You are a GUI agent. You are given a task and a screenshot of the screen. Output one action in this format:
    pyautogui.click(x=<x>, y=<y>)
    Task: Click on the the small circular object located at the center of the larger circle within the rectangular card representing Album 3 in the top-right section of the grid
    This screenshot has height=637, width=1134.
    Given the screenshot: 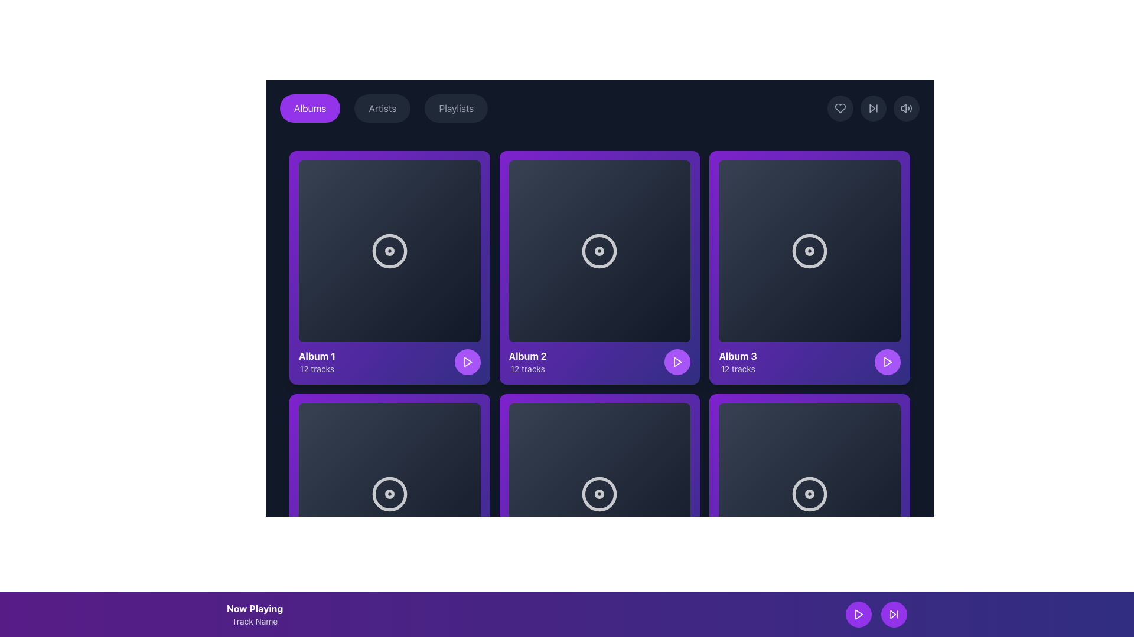 What is the action you would take?
    pyautogui.click(x=809, y=250)
    